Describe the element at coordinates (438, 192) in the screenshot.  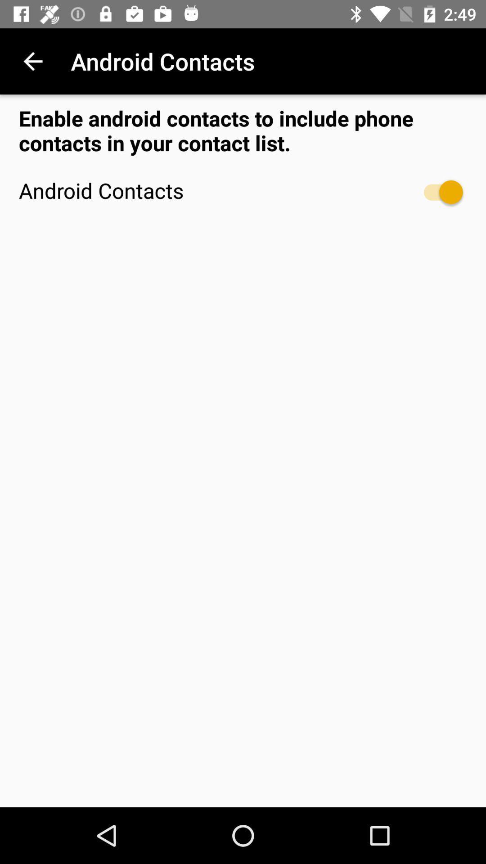
I see `icon at the top right corner` at that location.